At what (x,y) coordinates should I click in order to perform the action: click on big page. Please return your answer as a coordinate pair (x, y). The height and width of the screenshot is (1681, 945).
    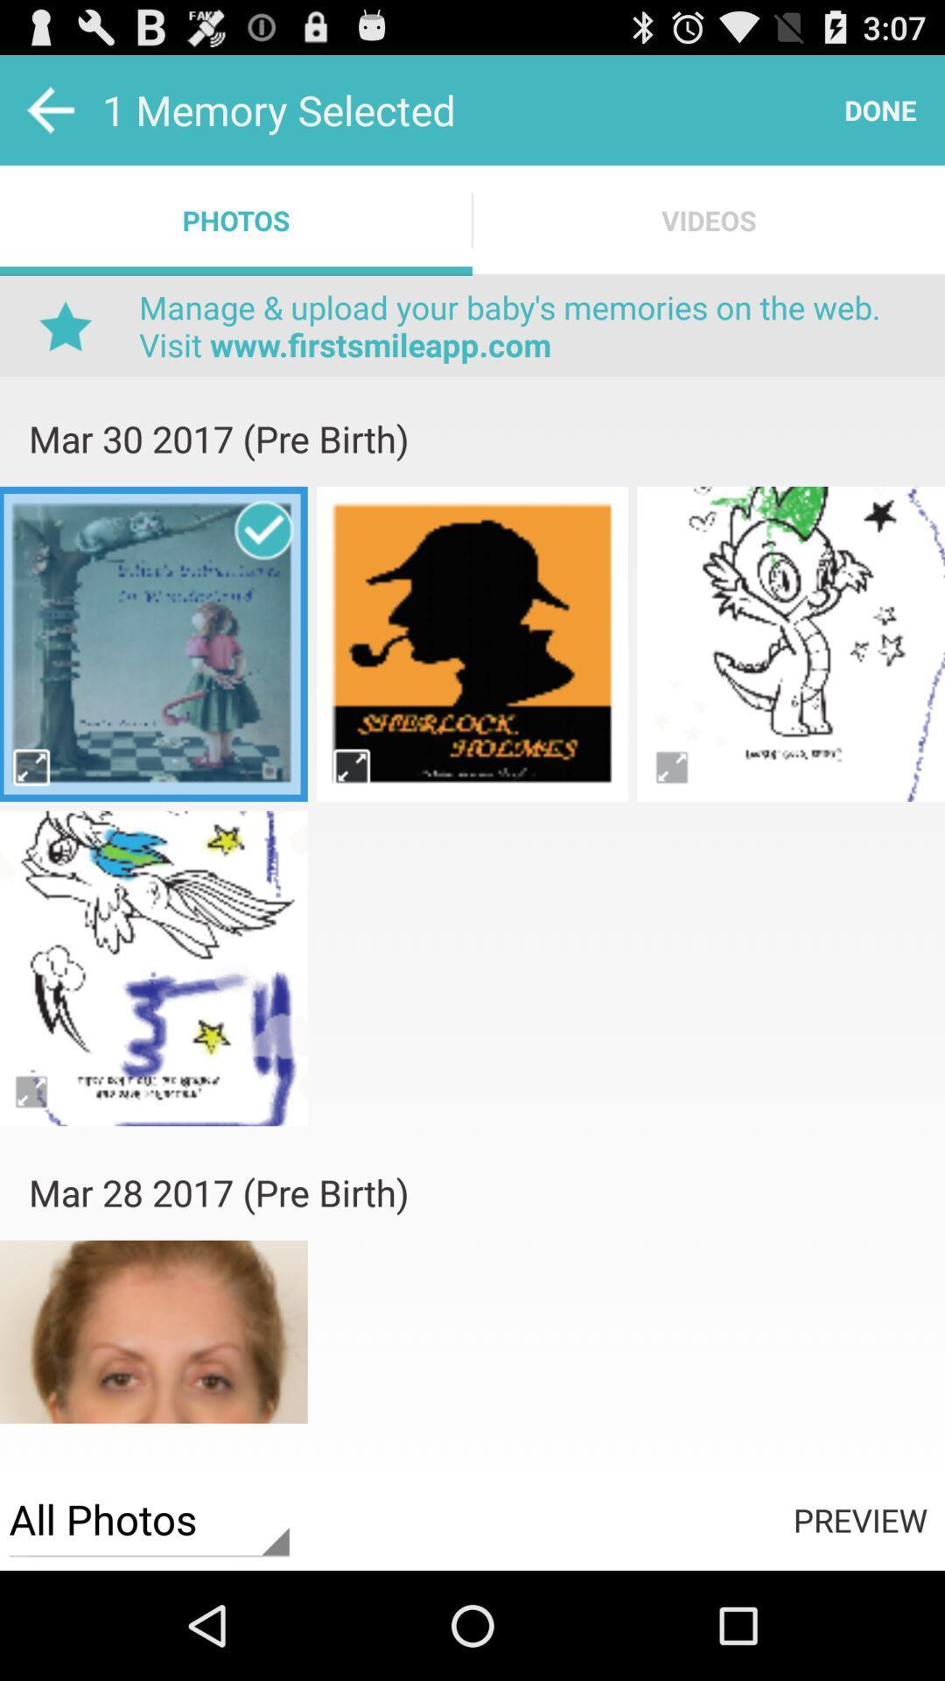
    Looking at the image, I should click on (32, 767).